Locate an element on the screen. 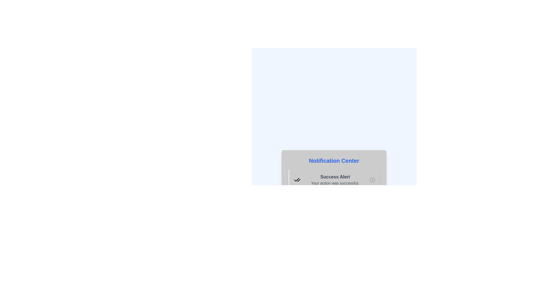 The height and width of the screenshot is (303, 539). the text label 'Notification Center' which is styled in blue, located at the top section of the notification panel is located at coordinates (334, 161).